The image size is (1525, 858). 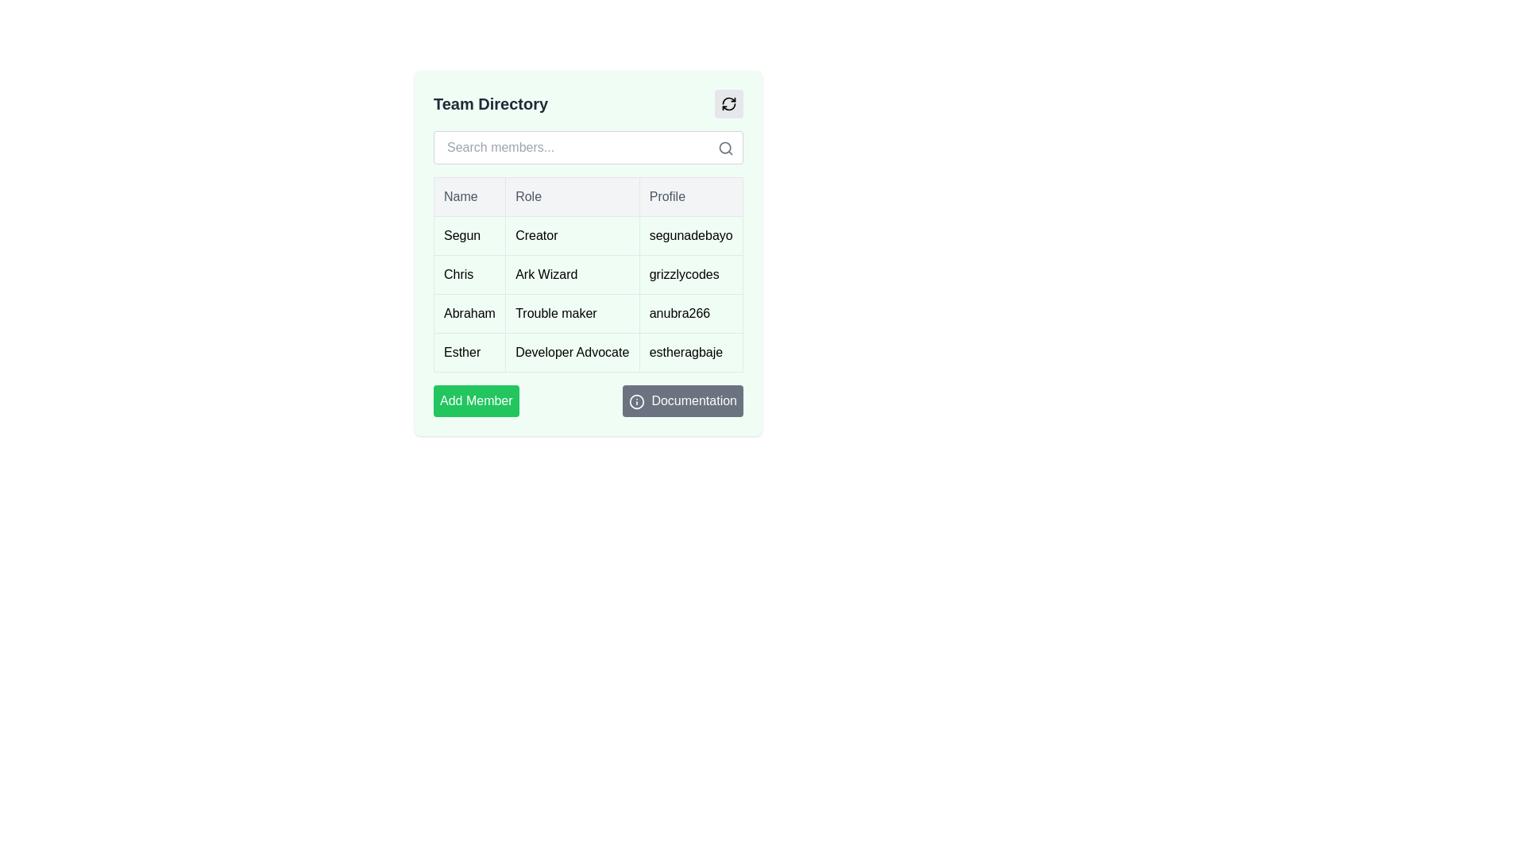 What do you see at coordinates (728, 104) in the screenshot?
I see `the circular arrow icon representing a refresh action located in the top right corner of the 'Team Directory' card` at bounding box center [728, 104].